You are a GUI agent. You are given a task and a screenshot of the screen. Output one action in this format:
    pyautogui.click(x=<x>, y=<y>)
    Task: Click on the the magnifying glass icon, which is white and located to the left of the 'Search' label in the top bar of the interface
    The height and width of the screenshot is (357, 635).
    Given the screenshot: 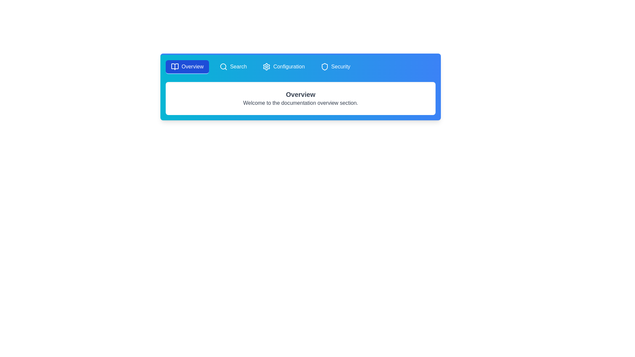 What is the action you would take?
    pyautogui.click(x=223, y=66)
    